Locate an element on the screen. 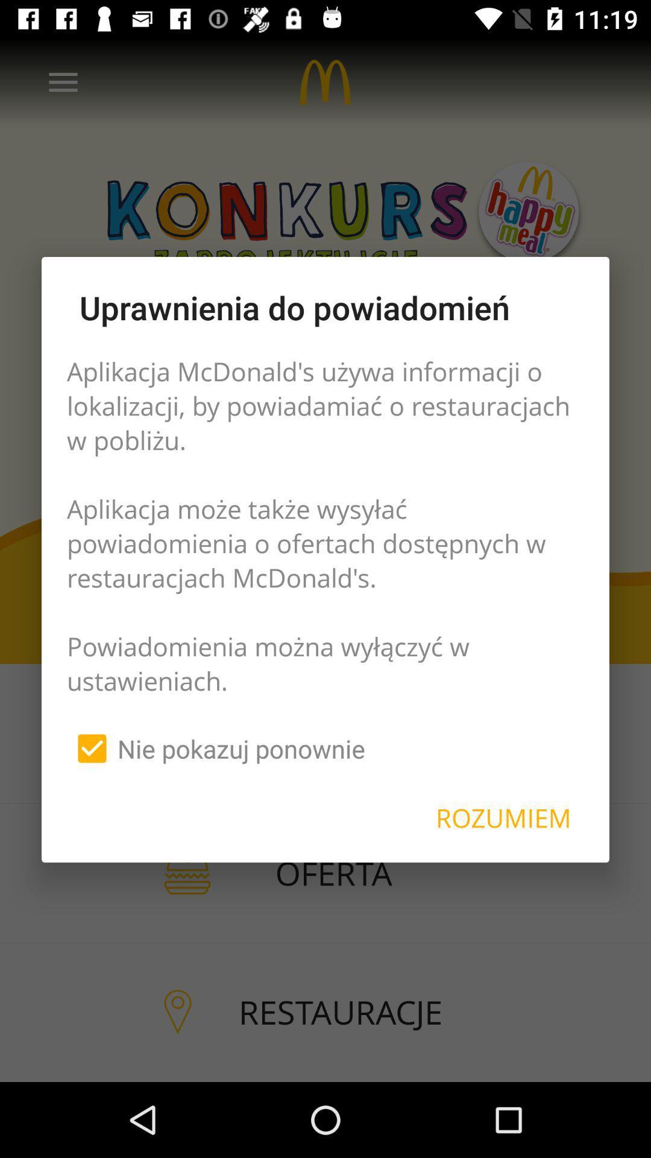  item next to rozumiem icon is located at coordinates (215, 748).